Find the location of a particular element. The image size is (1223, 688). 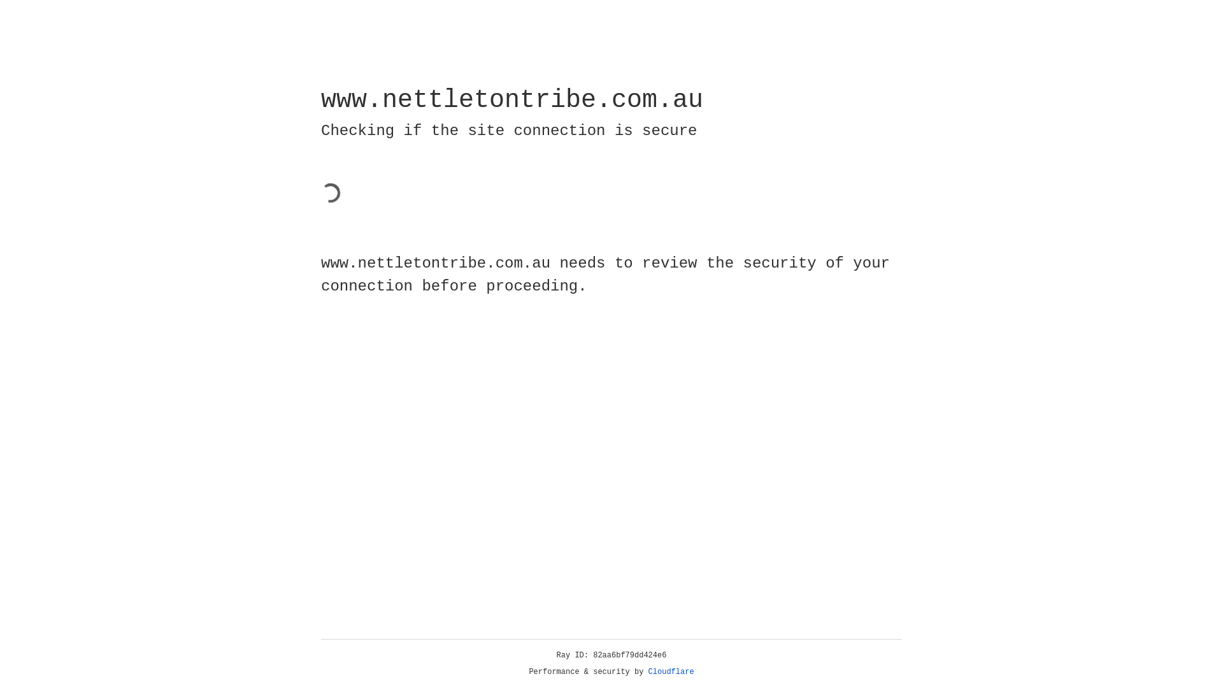

'Cloudflare' is located at coordinates (648, 671).